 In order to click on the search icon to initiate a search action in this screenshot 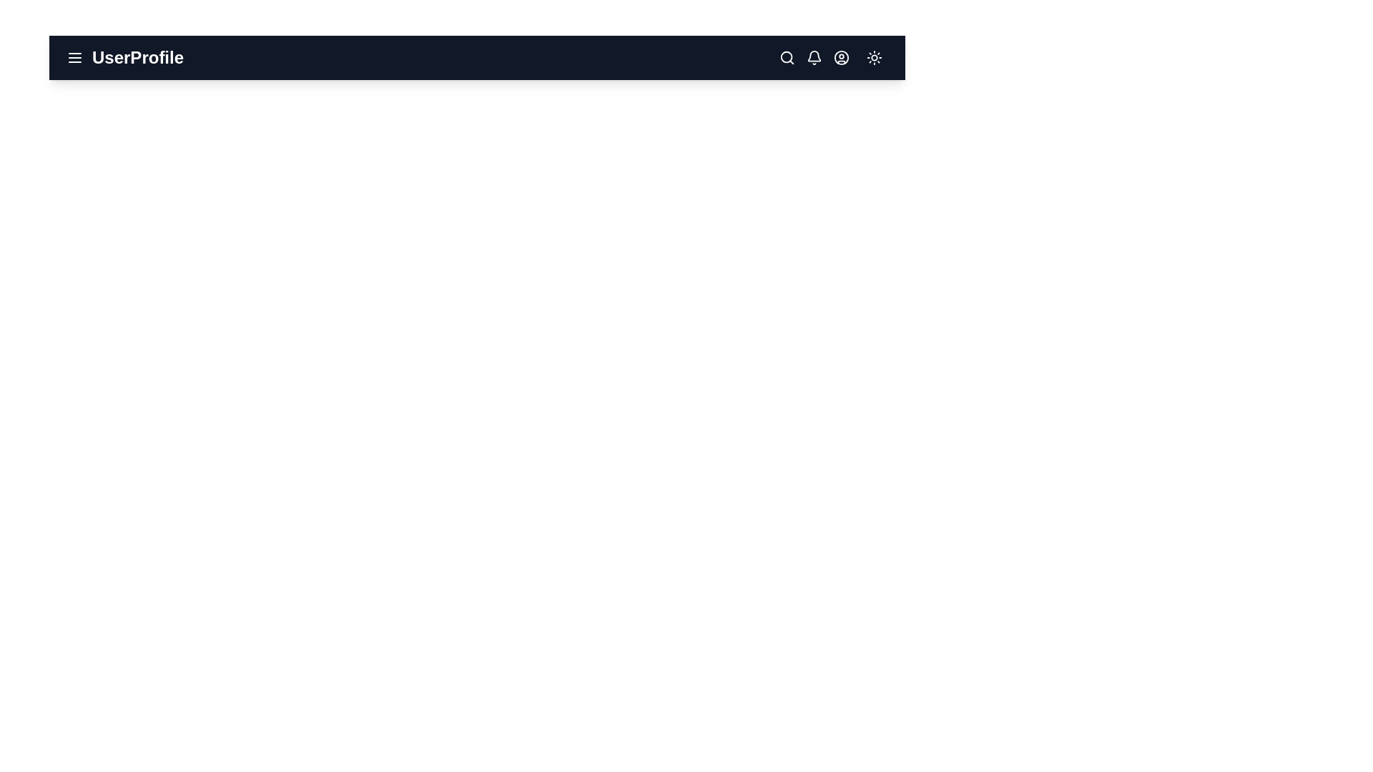, I will do `click(786, 57)`.